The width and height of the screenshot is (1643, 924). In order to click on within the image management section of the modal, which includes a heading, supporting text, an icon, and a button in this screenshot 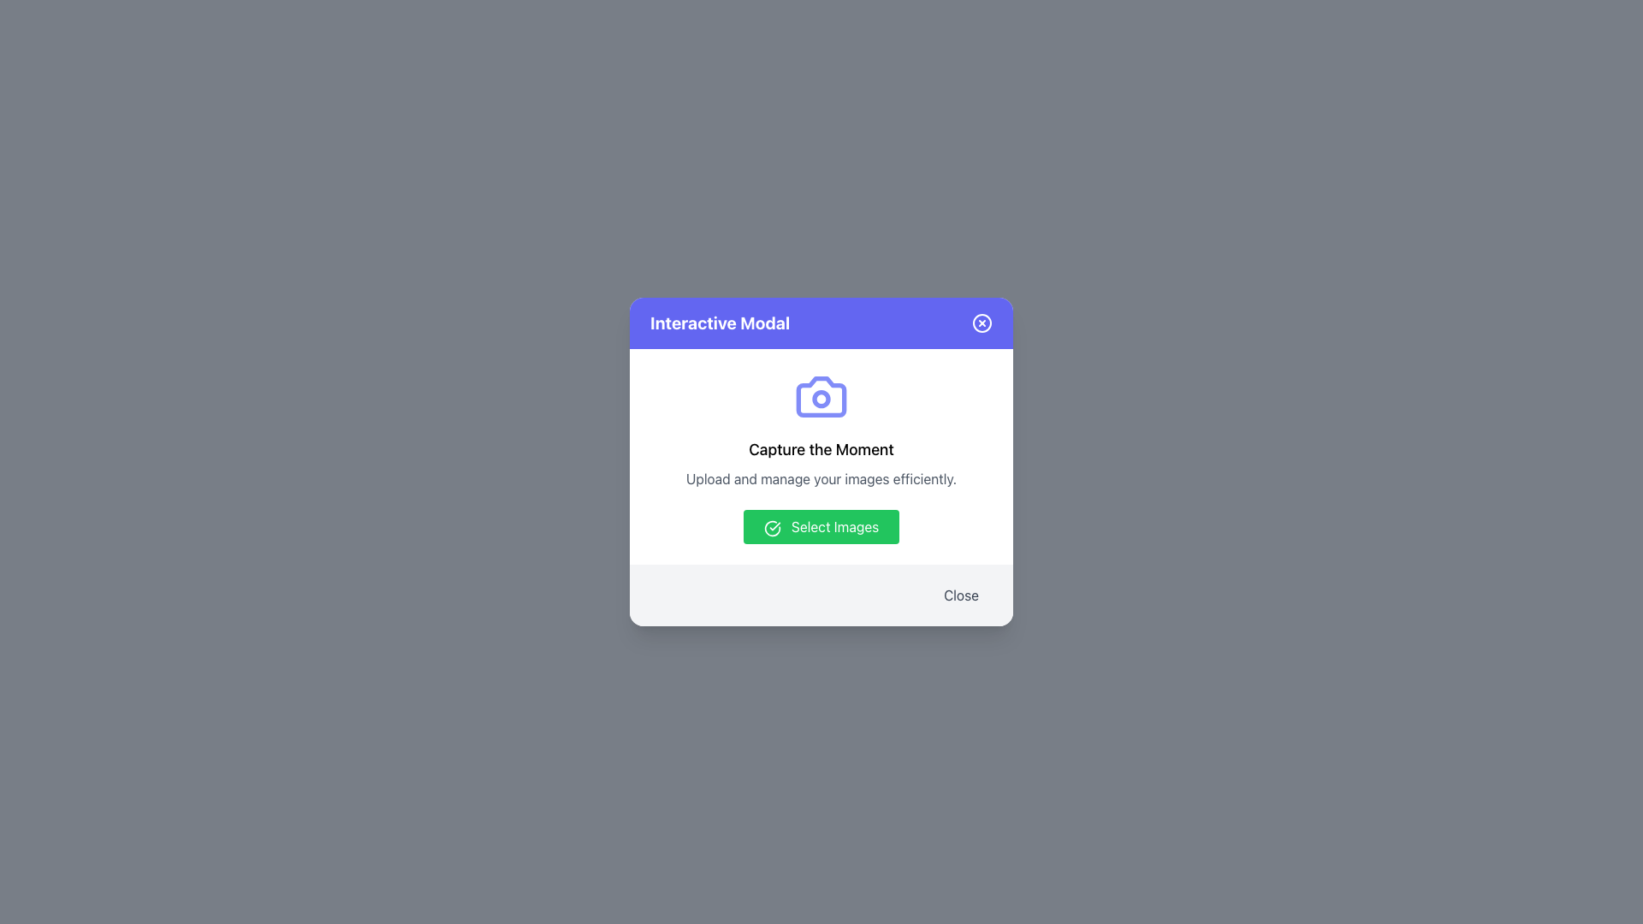, I will do `click(821, 455)`.